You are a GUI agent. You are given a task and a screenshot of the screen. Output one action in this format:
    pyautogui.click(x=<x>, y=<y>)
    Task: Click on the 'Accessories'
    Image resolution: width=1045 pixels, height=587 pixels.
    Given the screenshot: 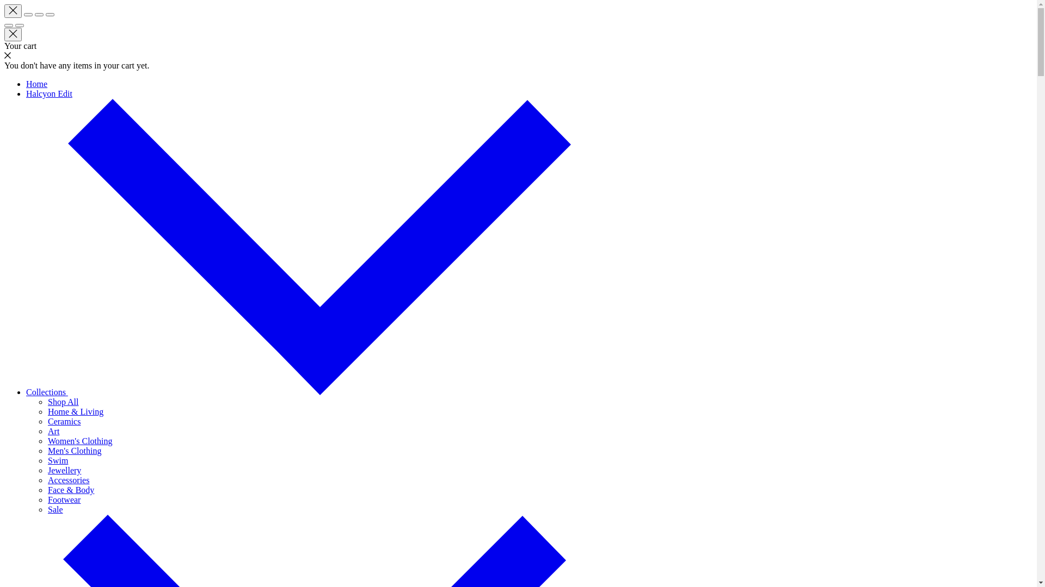 What is the action you would take?
    pyautogui.click(x=67, y=479)
    